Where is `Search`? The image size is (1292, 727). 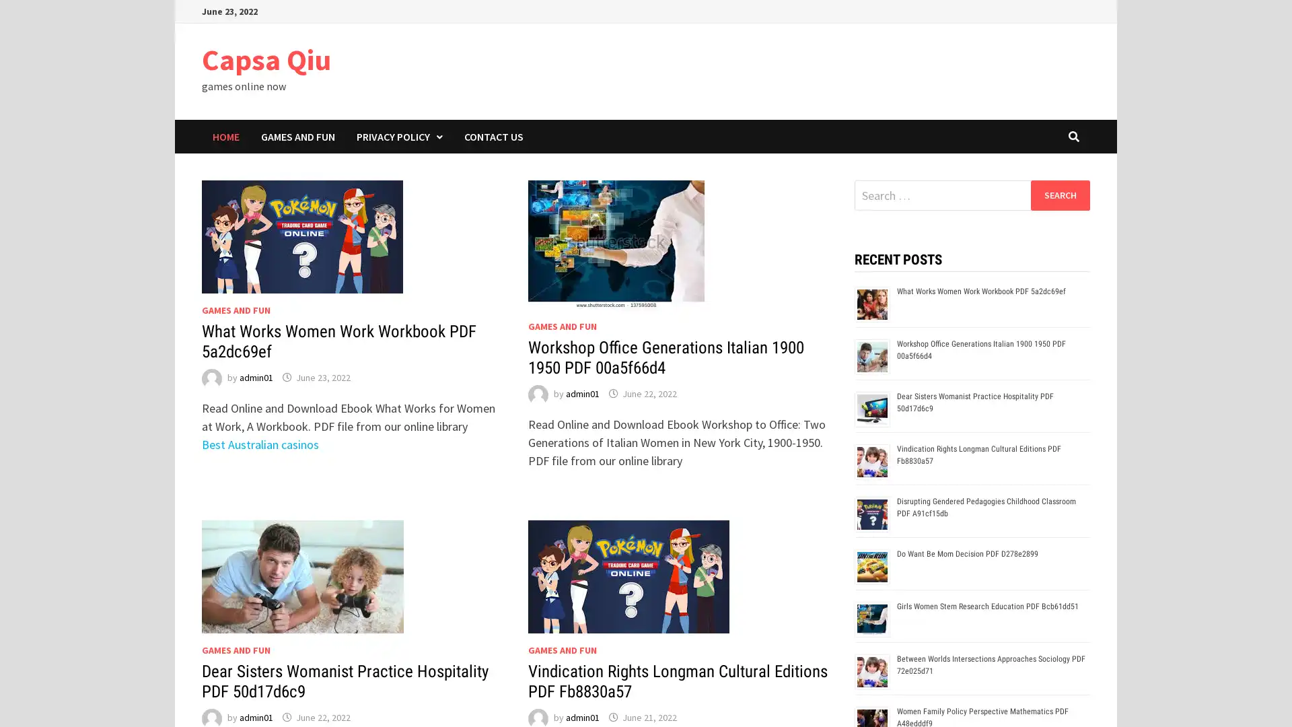 Search is located at coordinates (1059, 195).